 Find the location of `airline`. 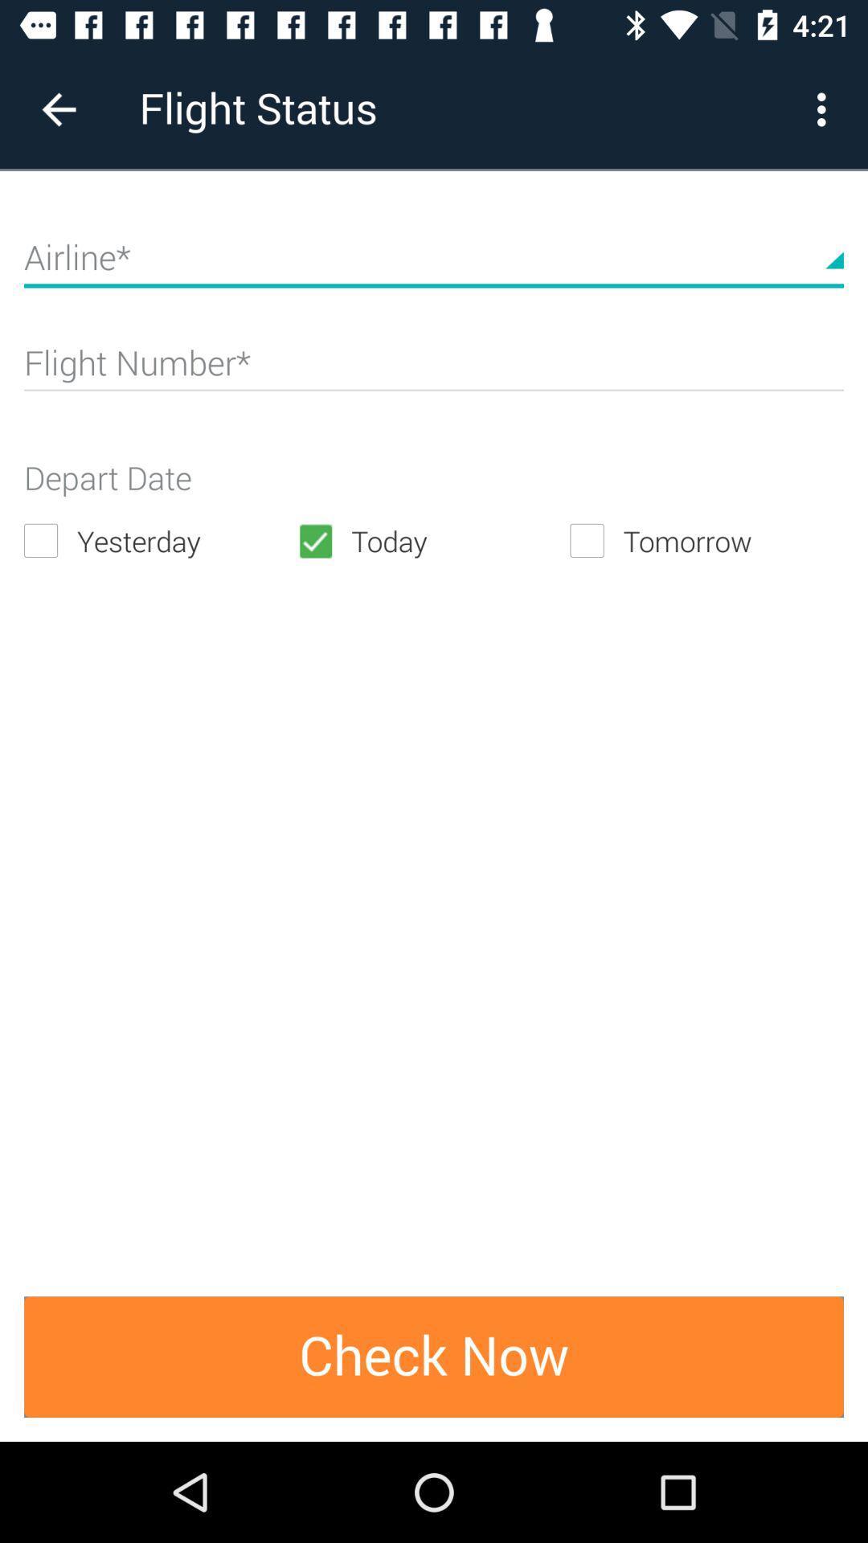

airline is located at coordinates (434, 264).